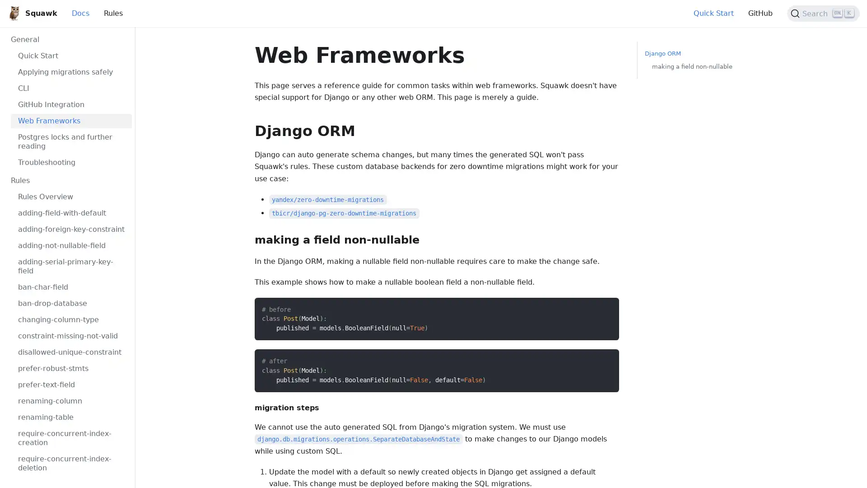 This screenshot has width=867, height=488. Describe the element at coordinates (604, 358) in the screenshot. I see `Copy code to clipboard` at that location.